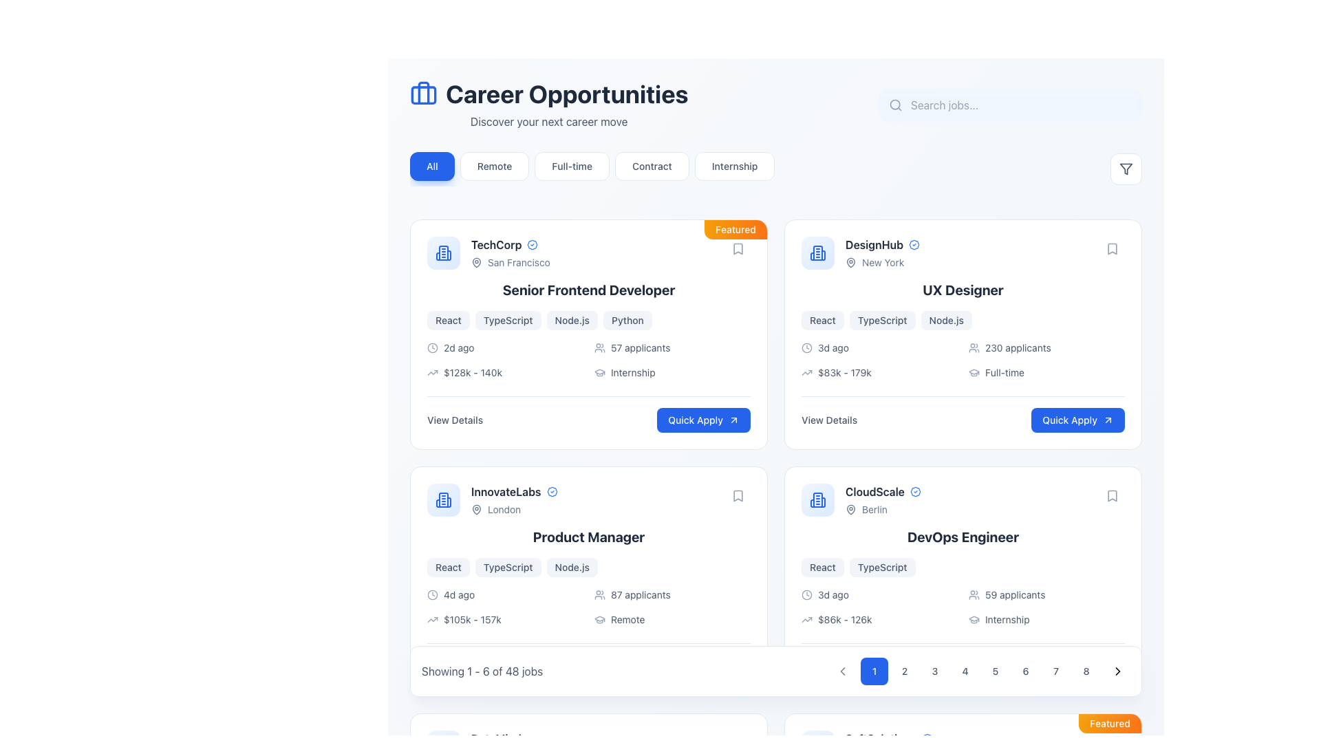  What do you see at coordinates (905, 670) in the screenshot?
I see `the pagination button that navigates to the second page of resources, located between the active '1' button and the '3' button` at bounding box center [905, 670].